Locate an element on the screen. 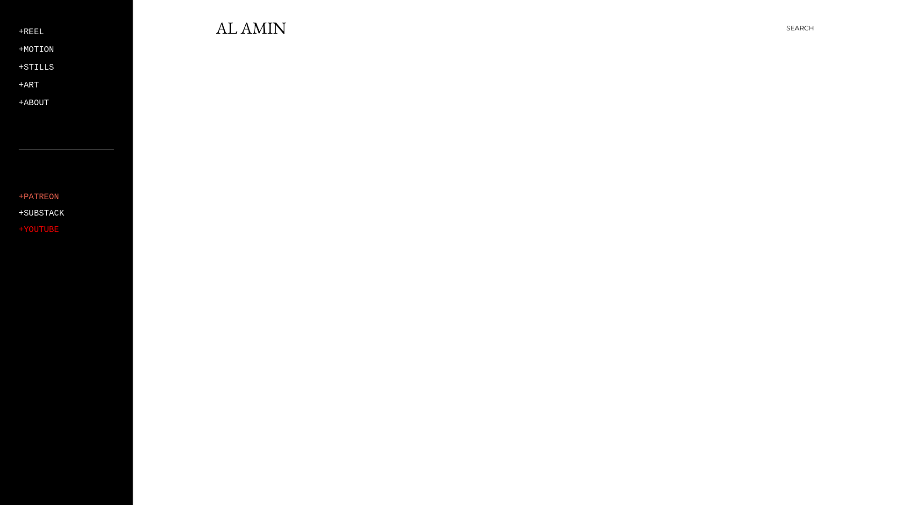  '+MOTION' is located at coordinates (36, 49).